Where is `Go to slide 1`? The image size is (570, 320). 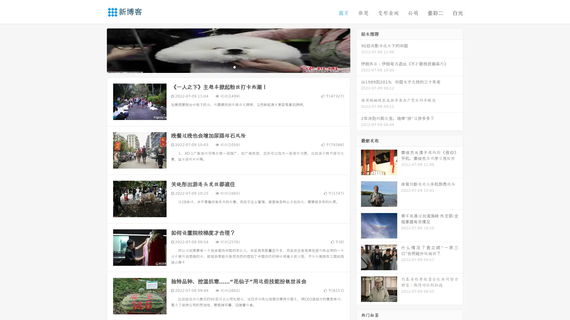
Go to slide 1 is located at coordinates (222, 67).